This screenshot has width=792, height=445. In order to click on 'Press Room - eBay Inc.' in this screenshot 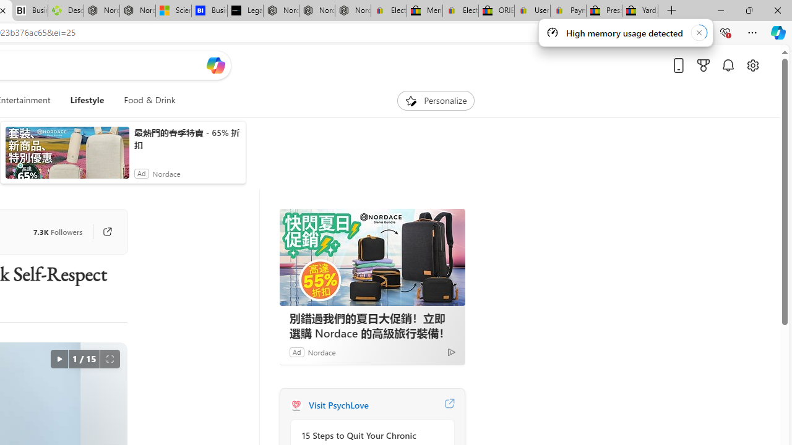, I will do `click(604, 11)`.